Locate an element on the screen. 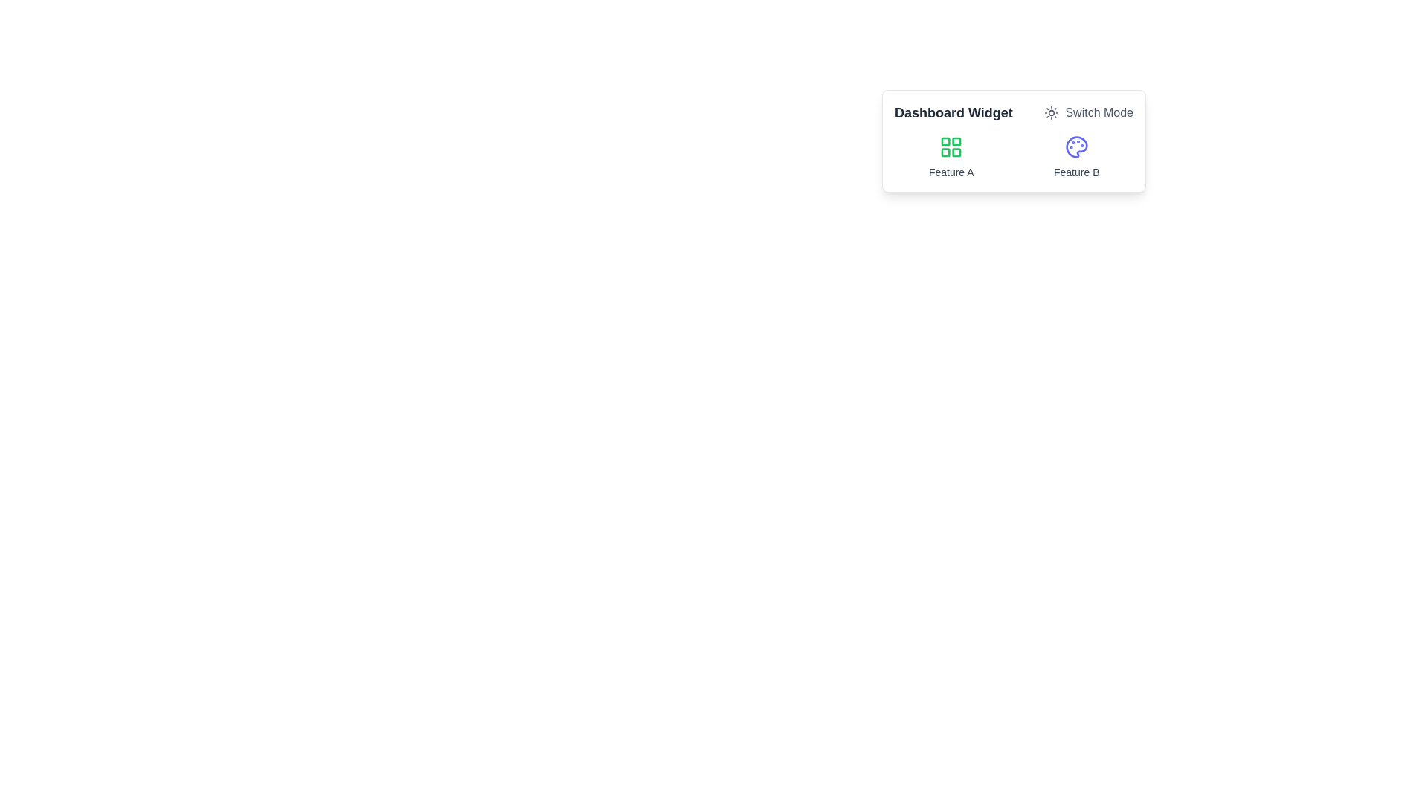 The width and height of the screenshot is (1428, 803). the text label located at the bottom of the second column in a two-column layout within a dashboard widget is located at coordinates (1076, 171).